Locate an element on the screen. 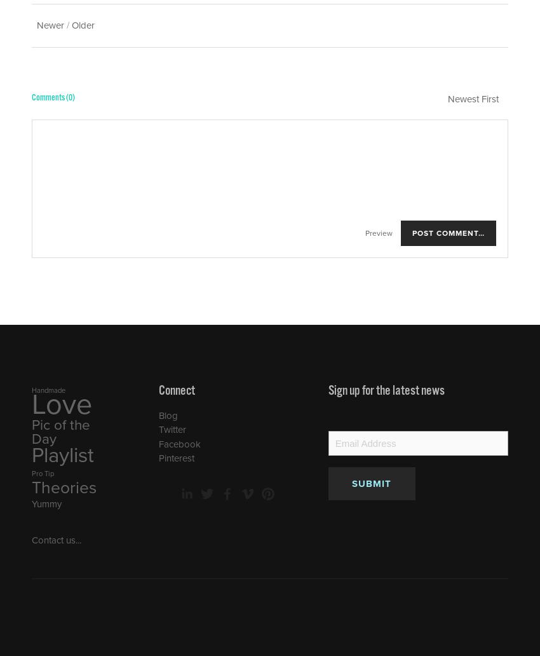 The image size is (540, 656). 'Handmade' is located at coordinates (48, 390).